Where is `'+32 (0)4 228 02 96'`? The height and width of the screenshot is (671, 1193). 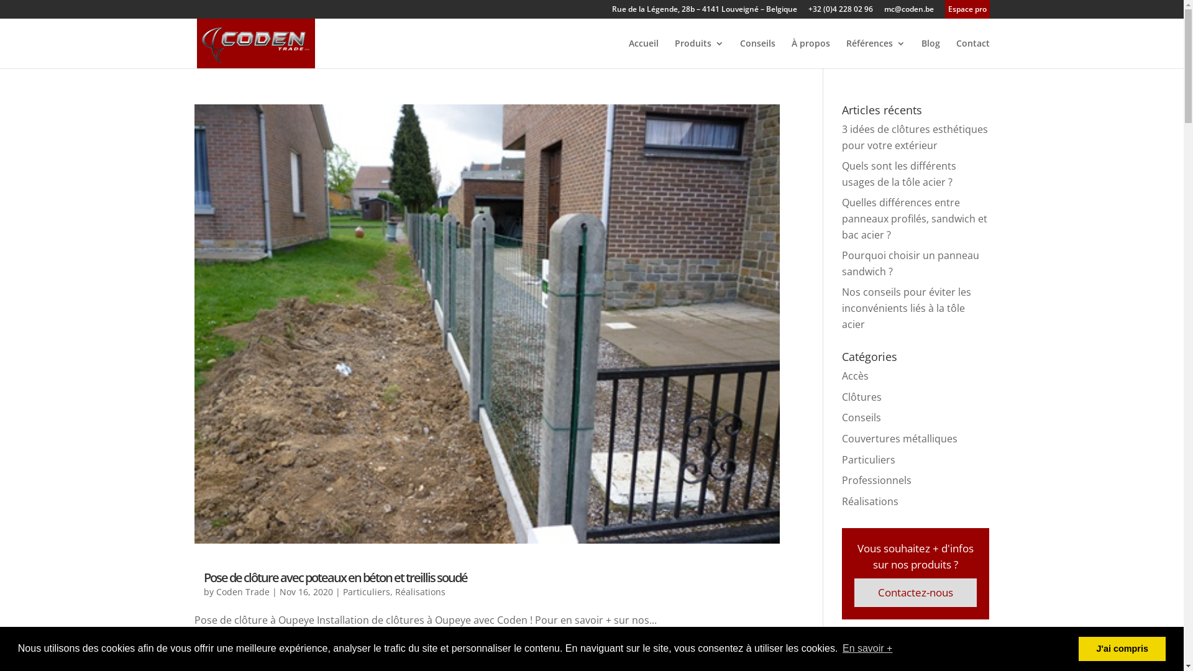
'+32 (0)4 228 02 96' is located at coordinates (840, 12).